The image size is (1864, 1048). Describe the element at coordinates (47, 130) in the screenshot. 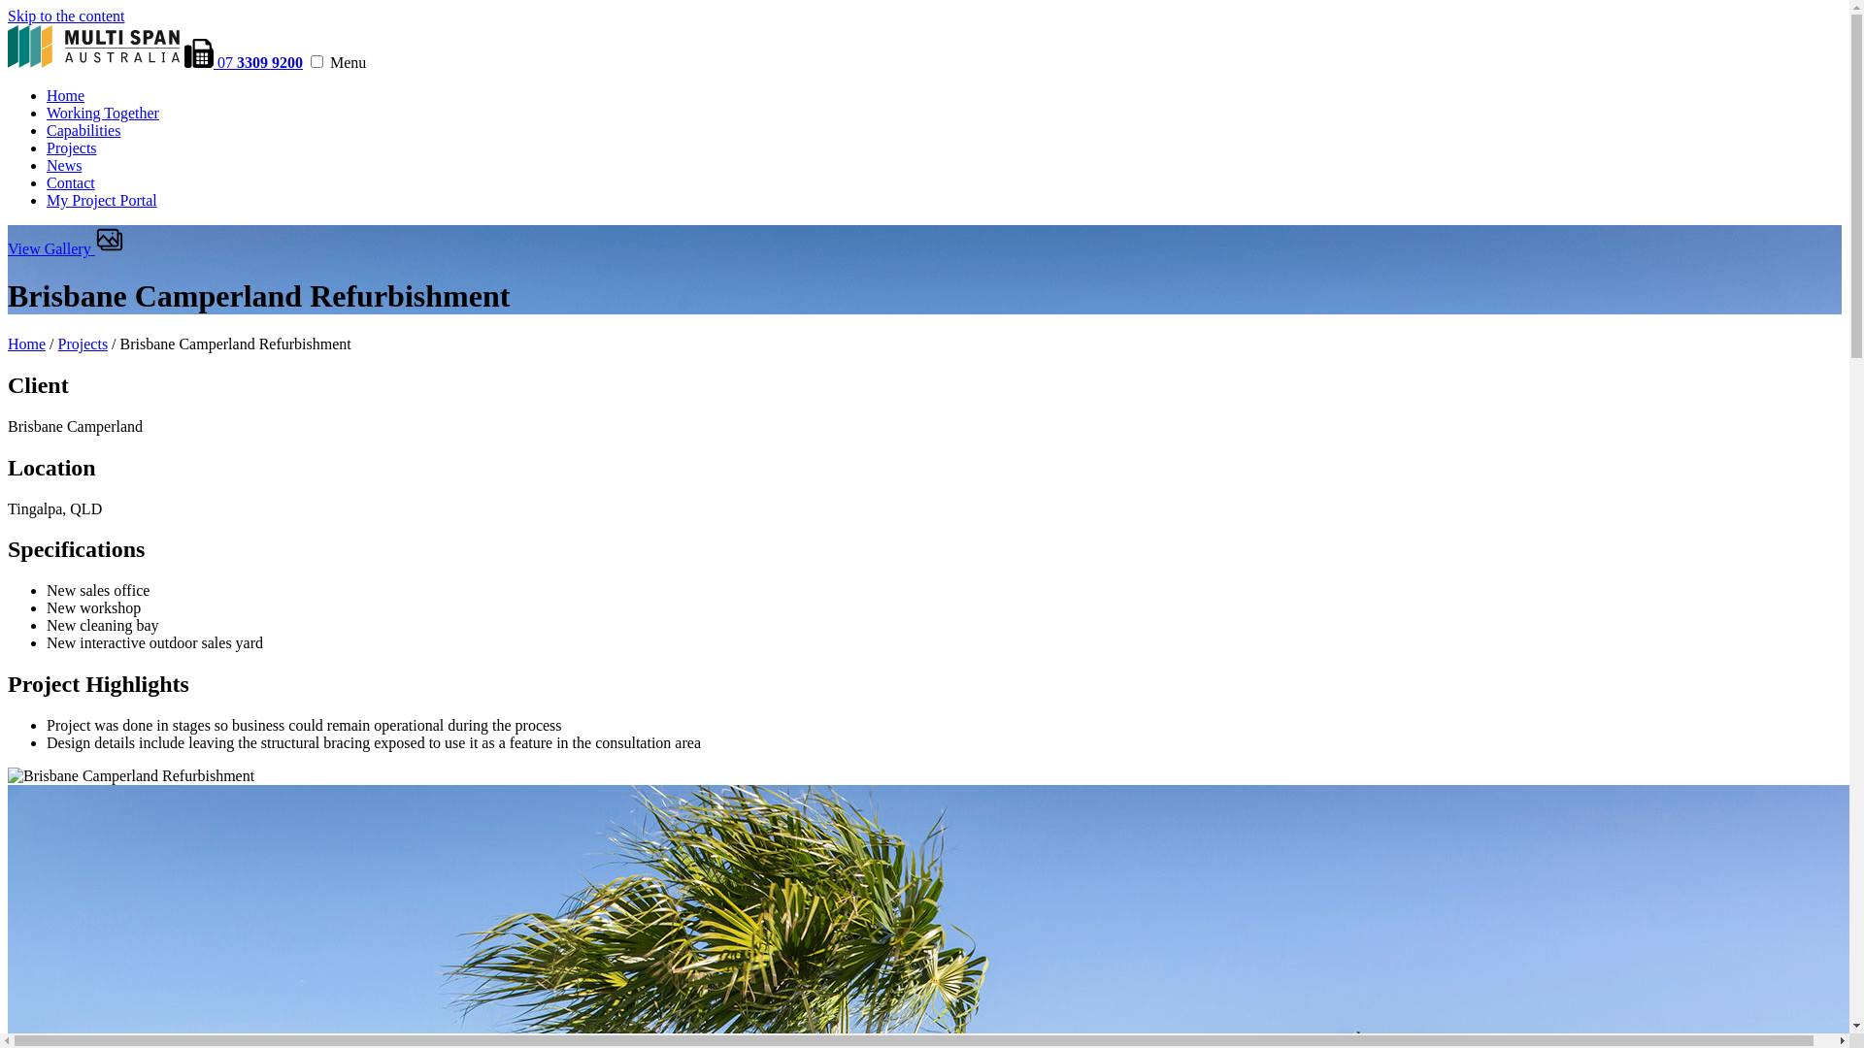

I see `'Capabilities'` at that location.